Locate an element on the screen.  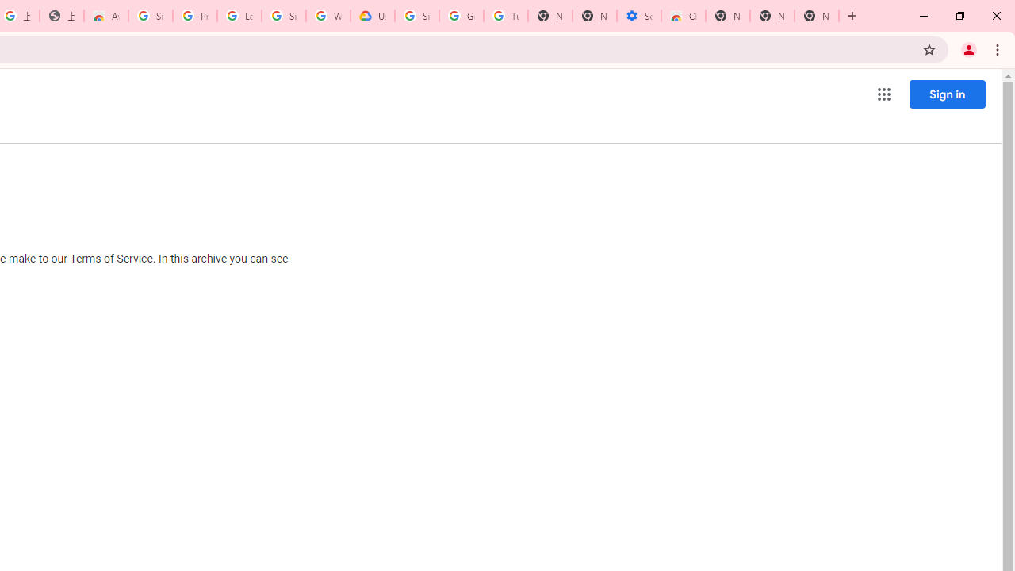
'Who are Google' is located at coordinates (327, 16).